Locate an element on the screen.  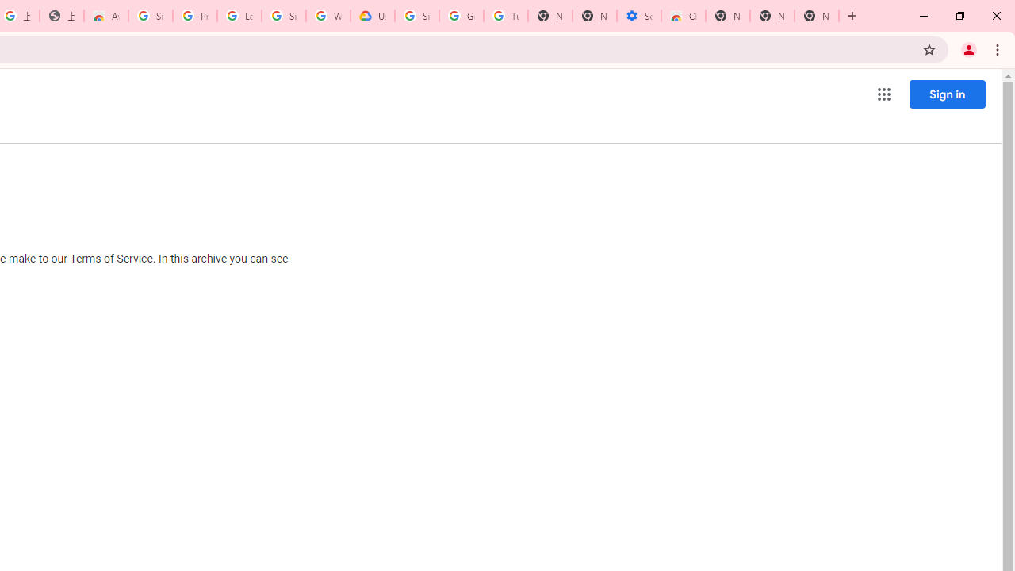
'Who are Google' is located at coordinates (327, 16).